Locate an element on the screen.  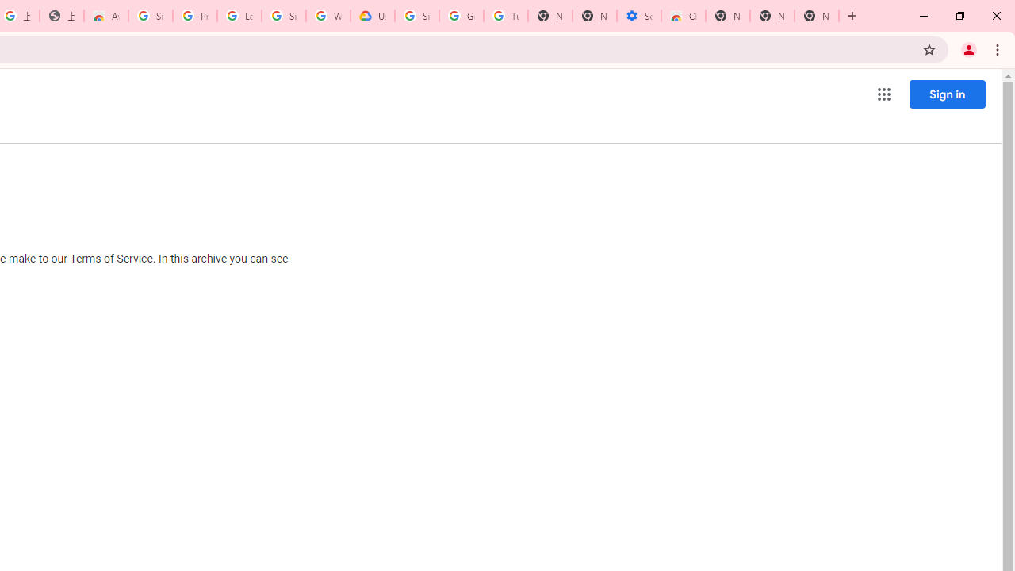
'Who are Google' is located at coordinates (327, 16).